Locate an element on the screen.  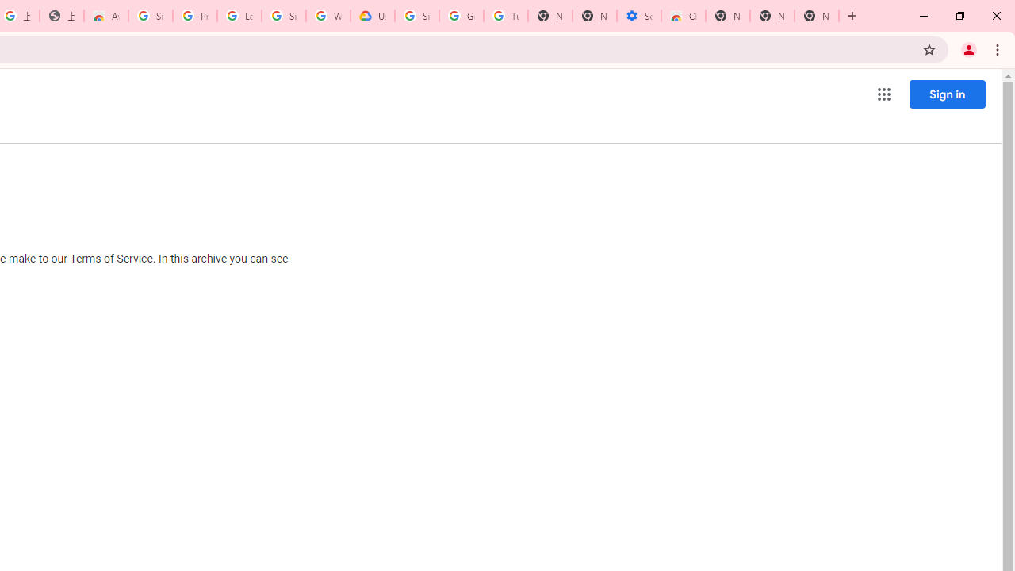
'Who are Google' is located at coordinates (327, 16).